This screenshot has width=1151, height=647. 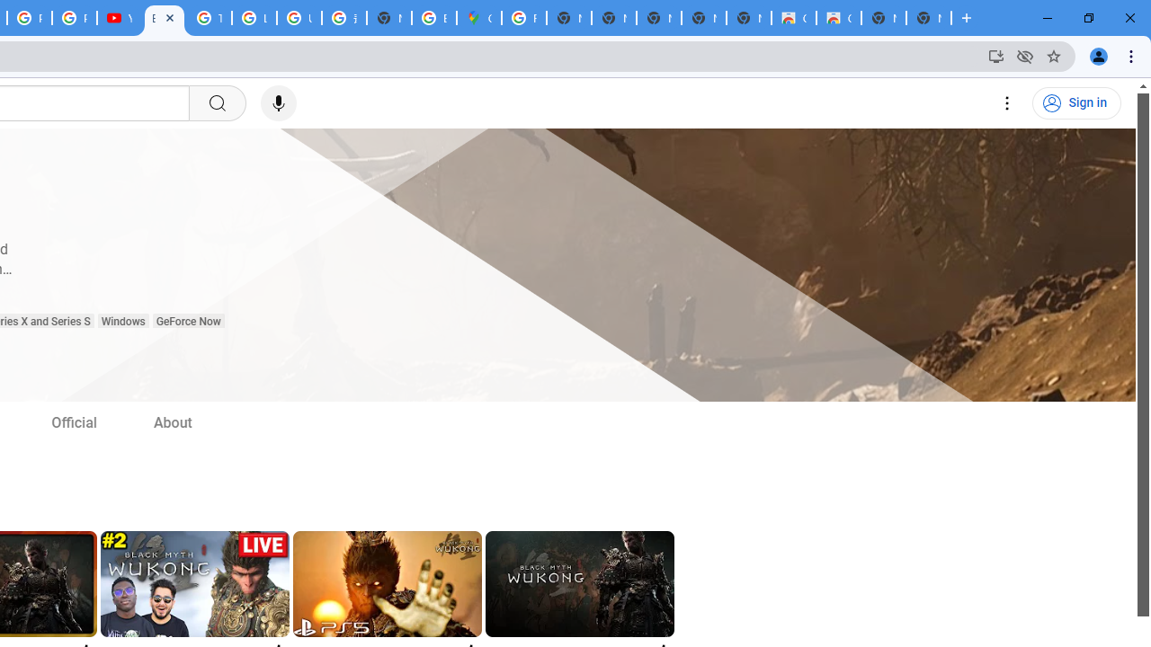 What do you see at coordinates (72, 422) in the screenshot?
I see `'Official'` at bounding box center [72, 422].